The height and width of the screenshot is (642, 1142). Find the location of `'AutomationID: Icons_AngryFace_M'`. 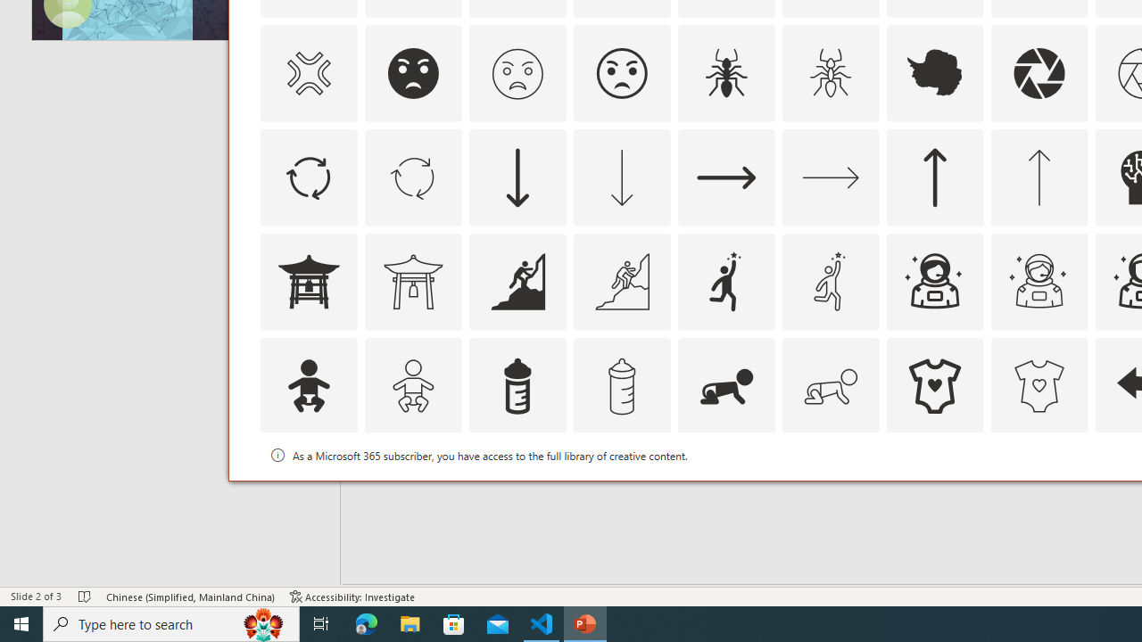

'AutomationID: Icons_AngryFace_M' is located at coordinates (516, 72).